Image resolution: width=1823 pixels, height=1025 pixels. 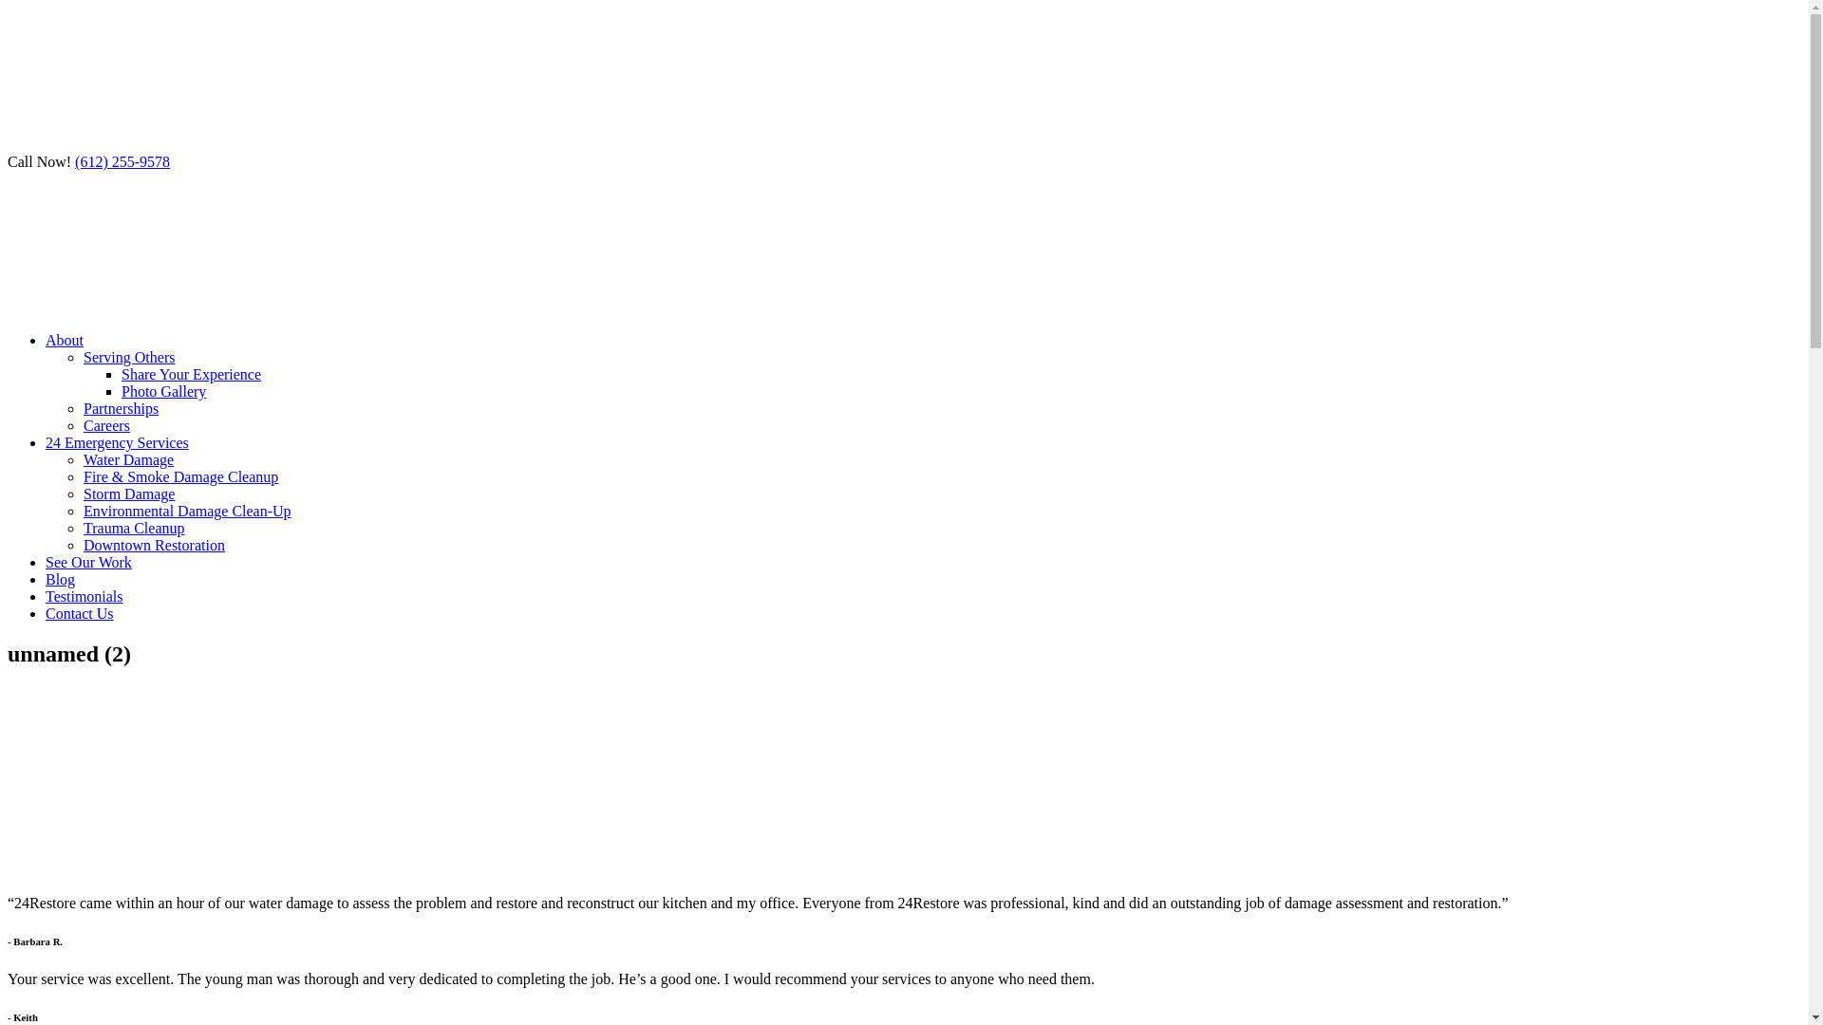 I want to click on 'Testimonials', so click(x=46, y=595).